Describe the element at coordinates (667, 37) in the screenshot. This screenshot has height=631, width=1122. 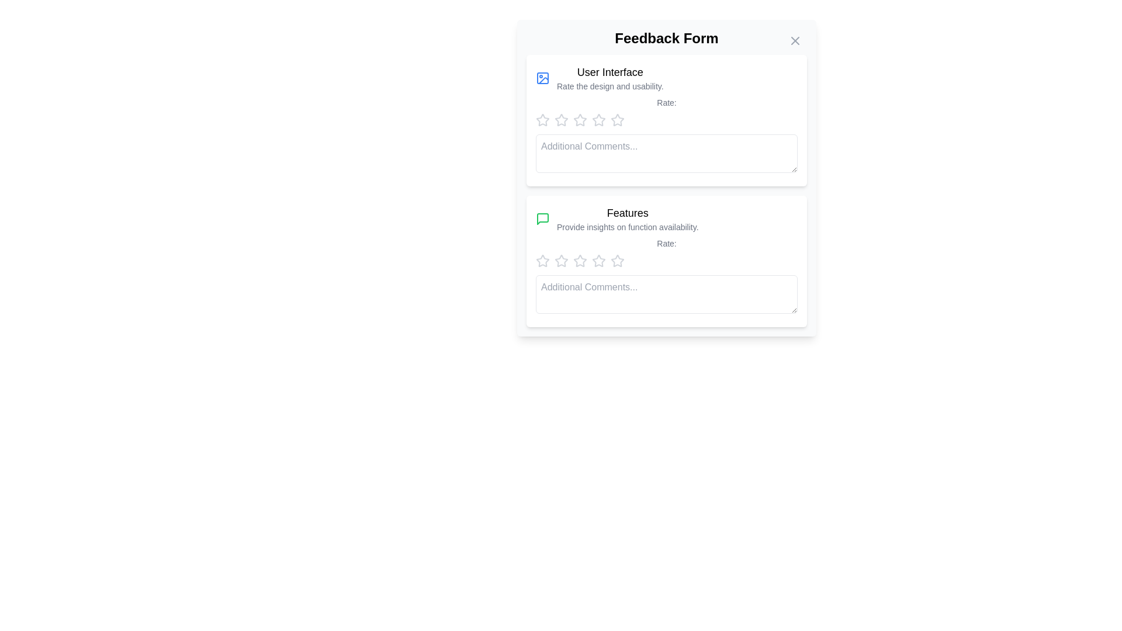
I see `static header text displaying 'Feedback Form' located at the top-center of the feedback form interface` at that location.